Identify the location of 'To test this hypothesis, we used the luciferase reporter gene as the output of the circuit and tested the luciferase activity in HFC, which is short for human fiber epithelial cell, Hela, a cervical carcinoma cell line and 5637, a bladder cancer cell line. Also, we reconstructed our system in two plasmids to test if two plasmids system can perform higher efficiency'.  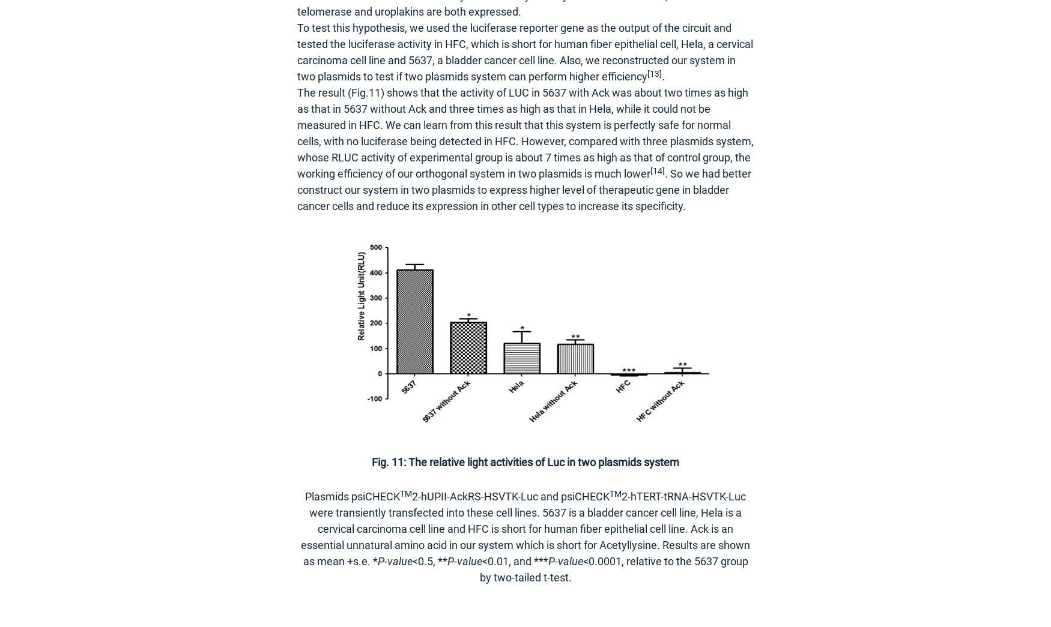
(297, 52).